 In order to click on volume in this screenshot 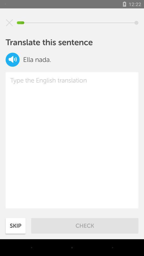, I will do `click(13, 59)`.